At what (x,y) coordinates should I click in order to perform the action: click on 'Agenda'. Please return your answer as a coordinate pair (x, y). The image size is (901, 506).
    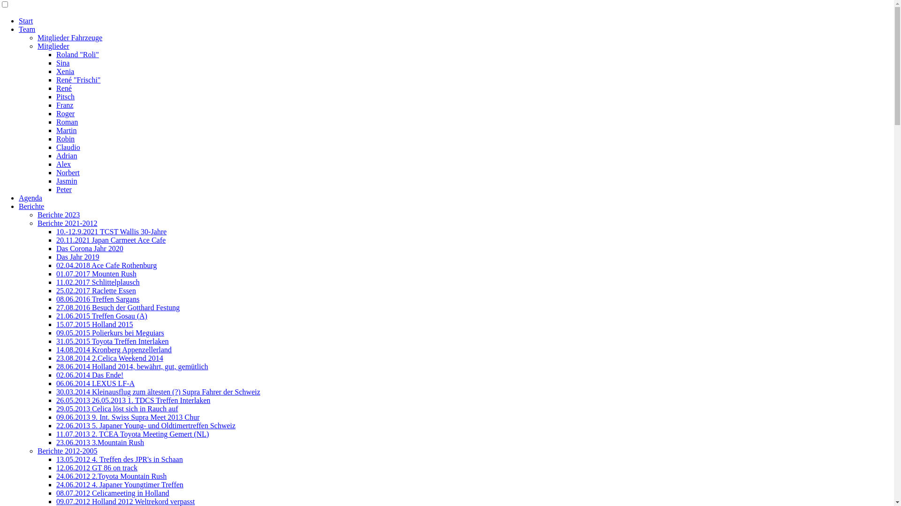
    Looking at the image, I should click on (18, 197).